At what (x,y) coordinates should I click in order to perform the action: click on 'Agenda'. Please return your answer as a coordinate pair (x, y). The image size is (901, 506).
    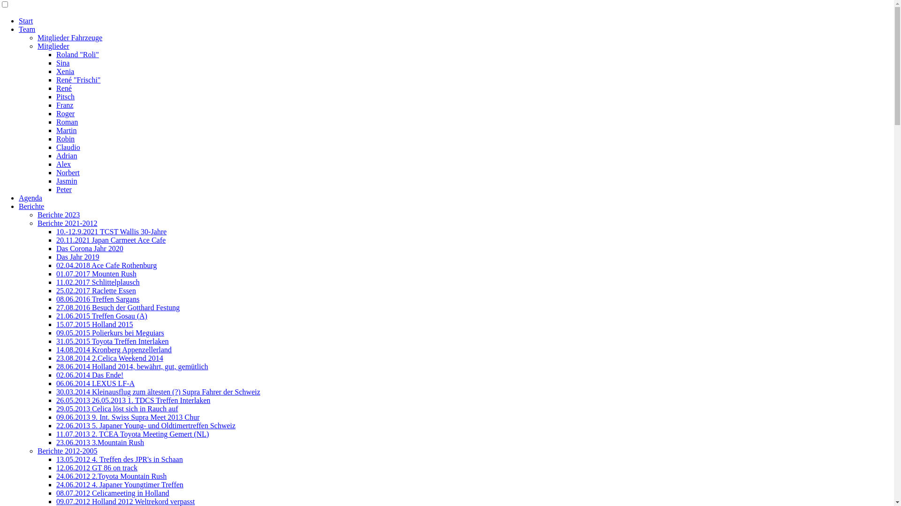
    Looking at the image, I should click on (18, 197).